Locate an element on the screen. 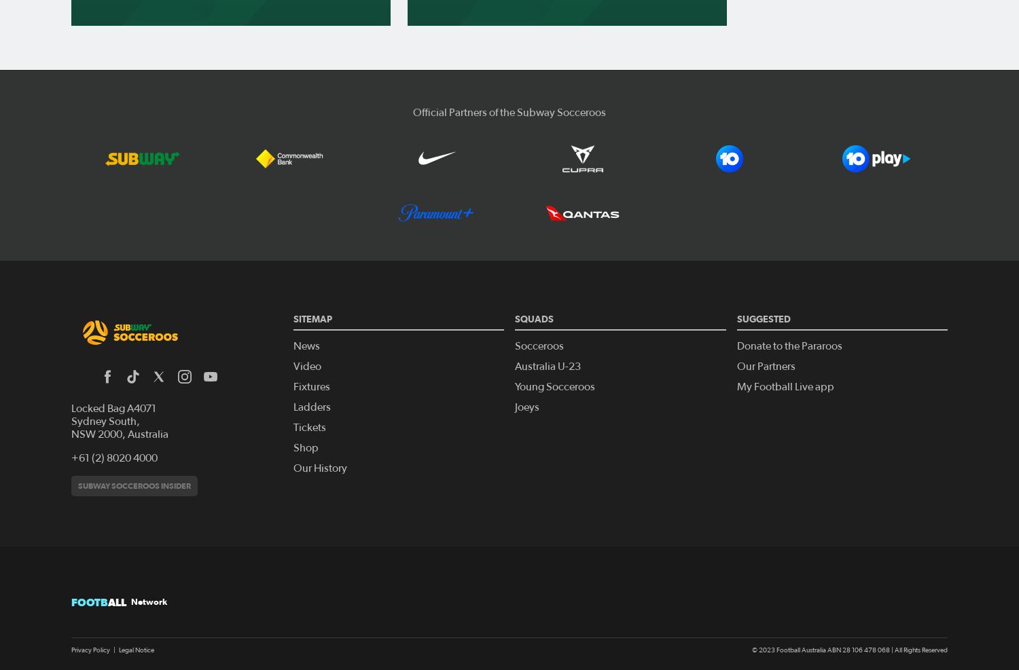  'Joeys' is located at coordinates (526, 406).